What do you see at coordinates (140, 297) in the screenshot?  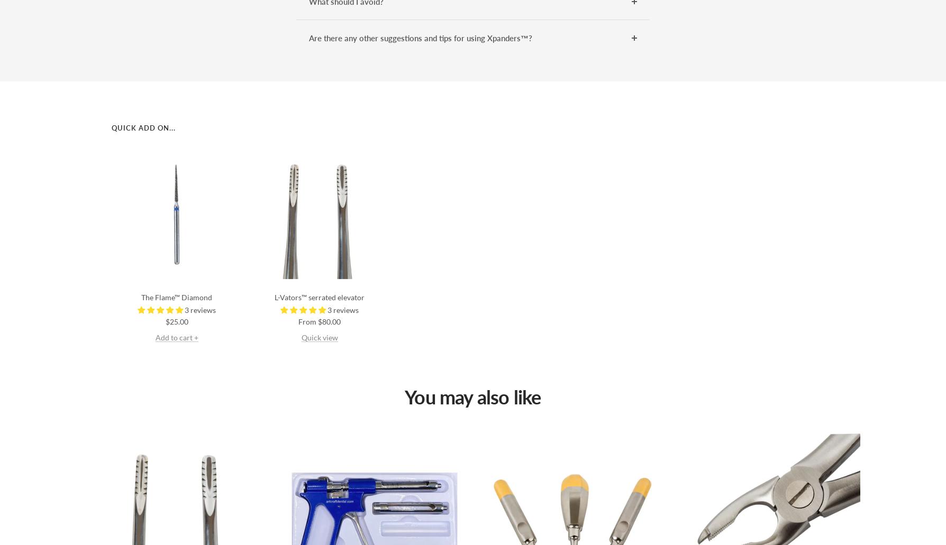 I see `'The Flame™ Diamond'` at bounding box center [140, 297].